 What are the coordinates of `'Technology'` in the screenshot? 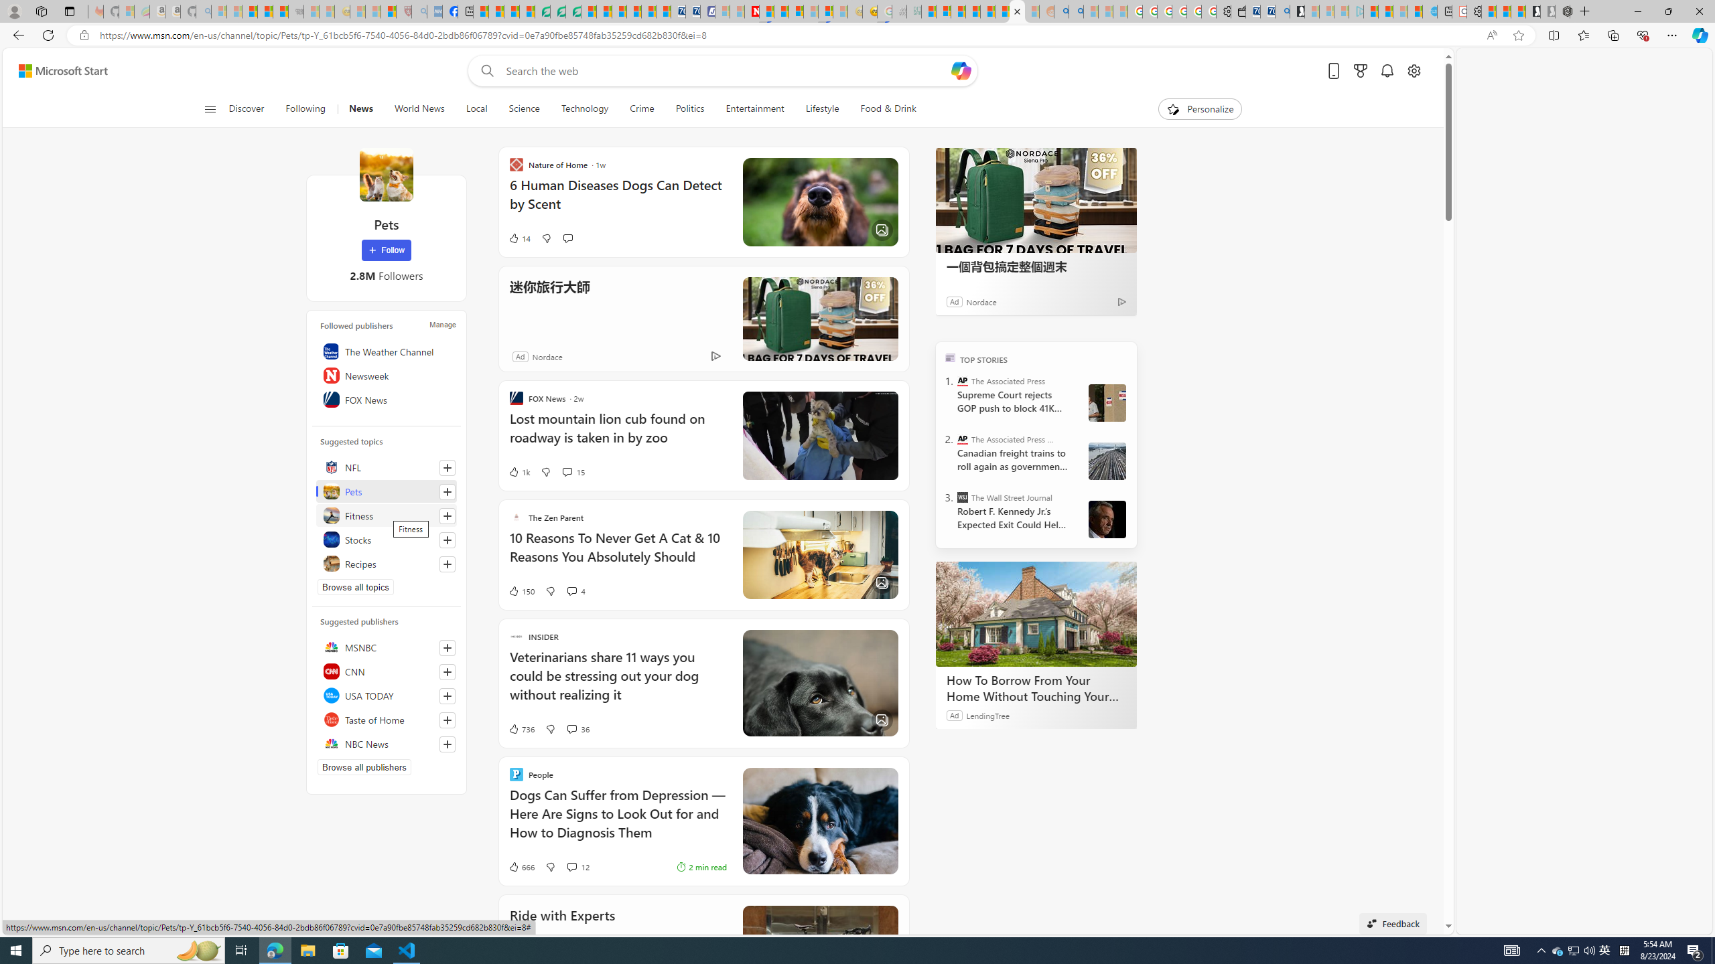 It's located at (584, 108).